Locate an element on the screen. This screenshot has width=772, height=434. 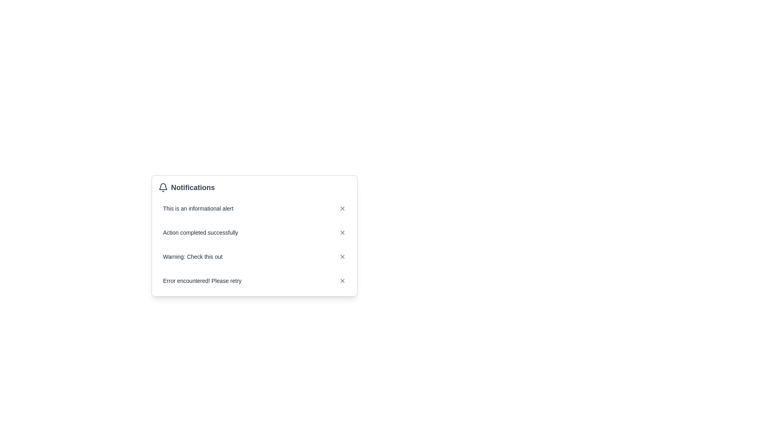
the close button on the notification message 'Error encountered! Please retry.' is located at coordinates (342, 280).